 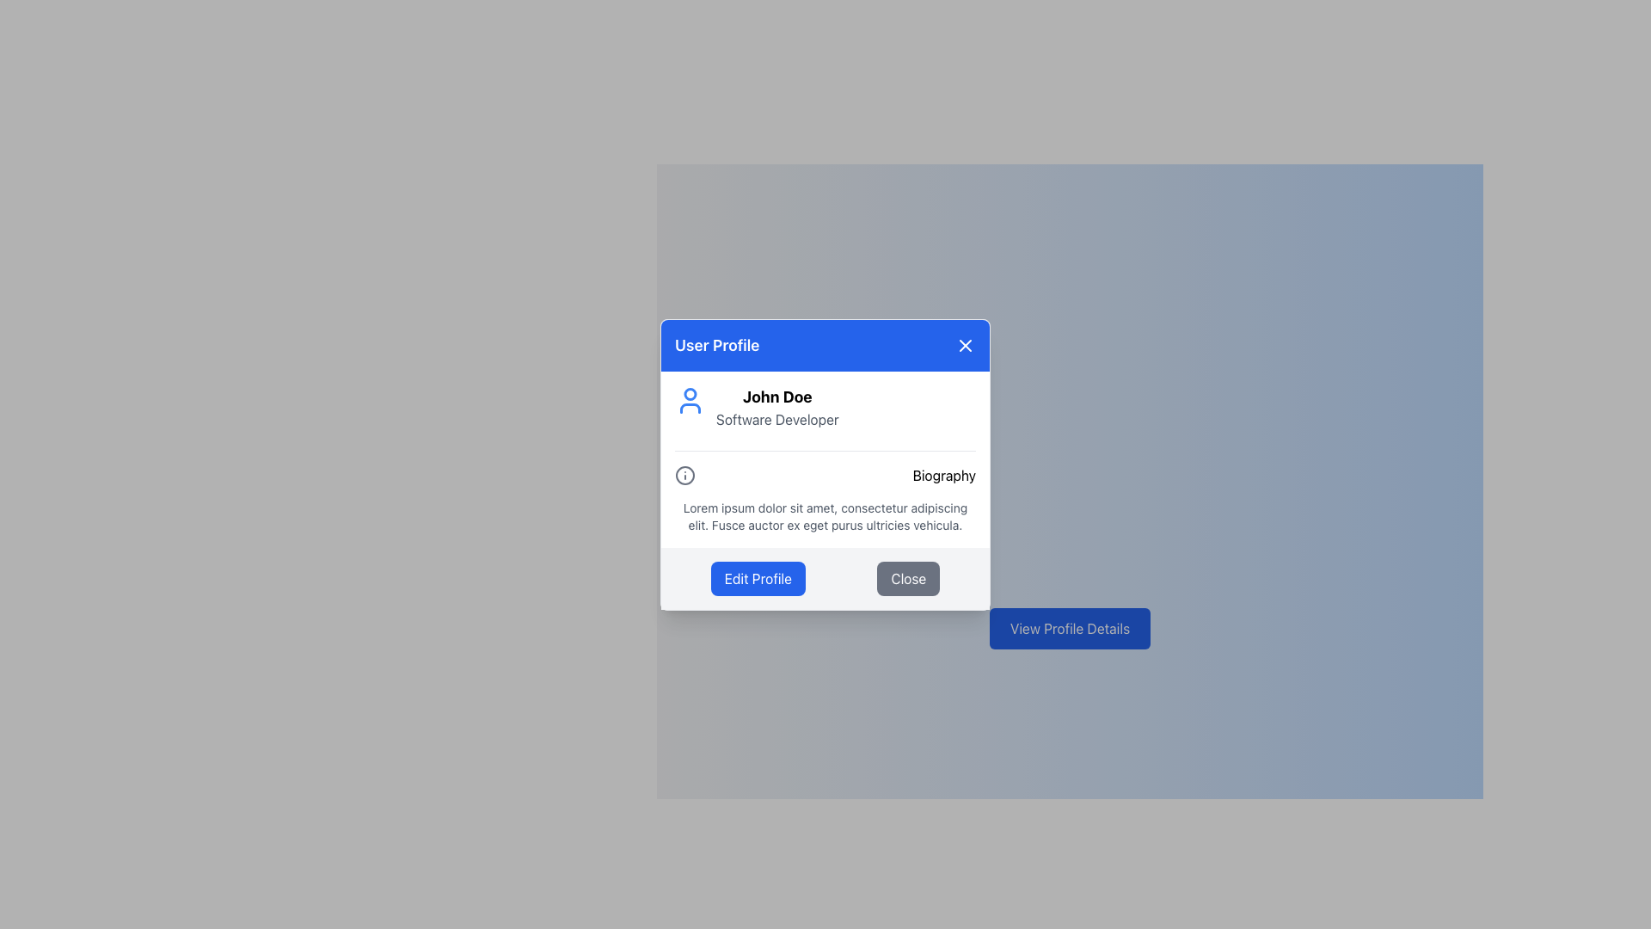 What do you see at coordinates (907, 578) in the screenshot?
I see `the second button in the footer of the modal window` at bounding box center [907, 578].